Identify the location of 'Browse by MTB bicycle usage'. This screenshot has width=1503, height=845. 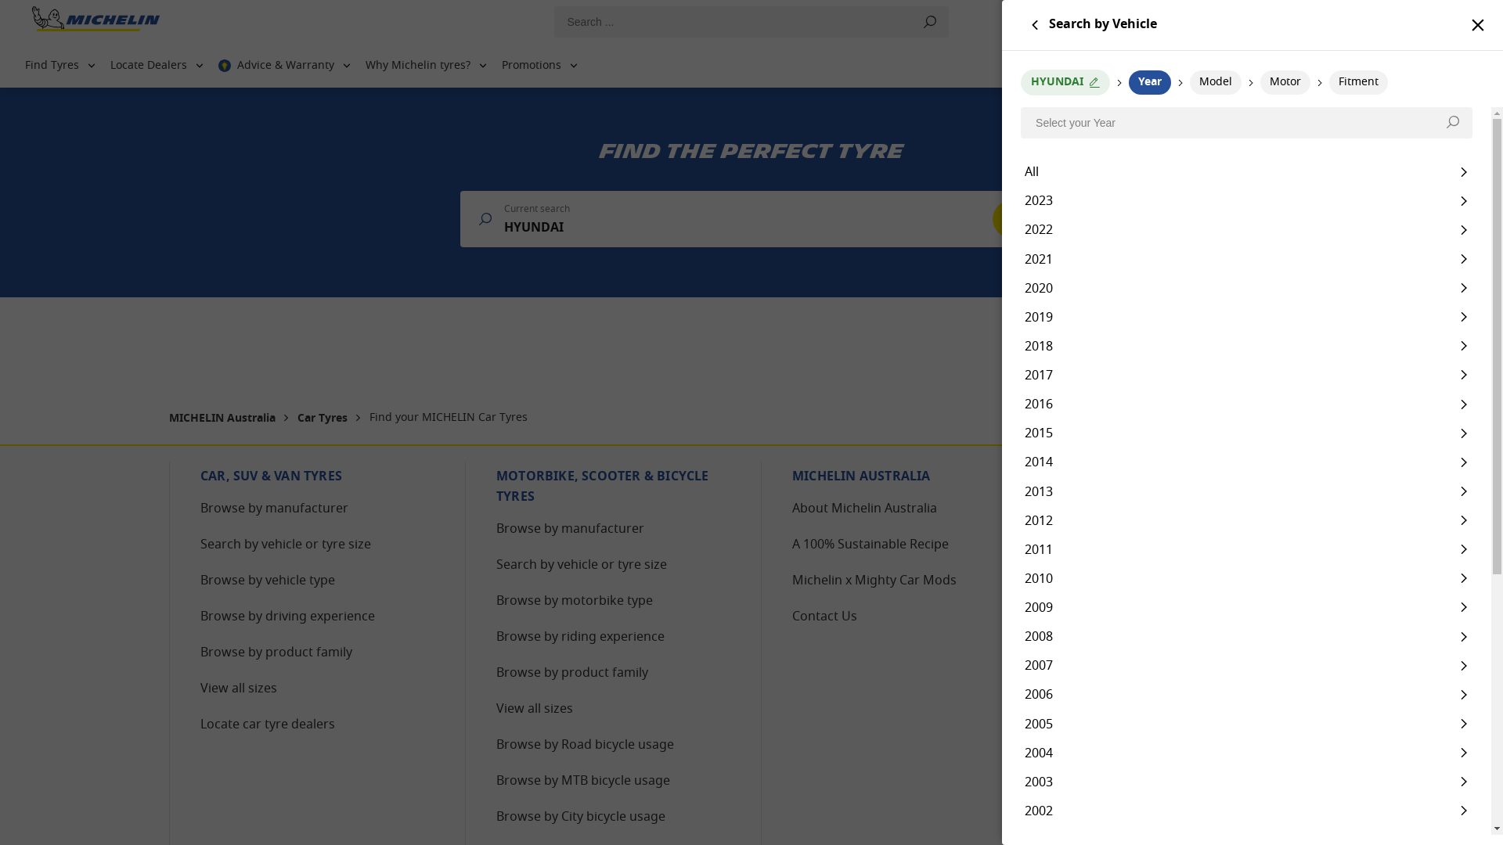
(582, 782).